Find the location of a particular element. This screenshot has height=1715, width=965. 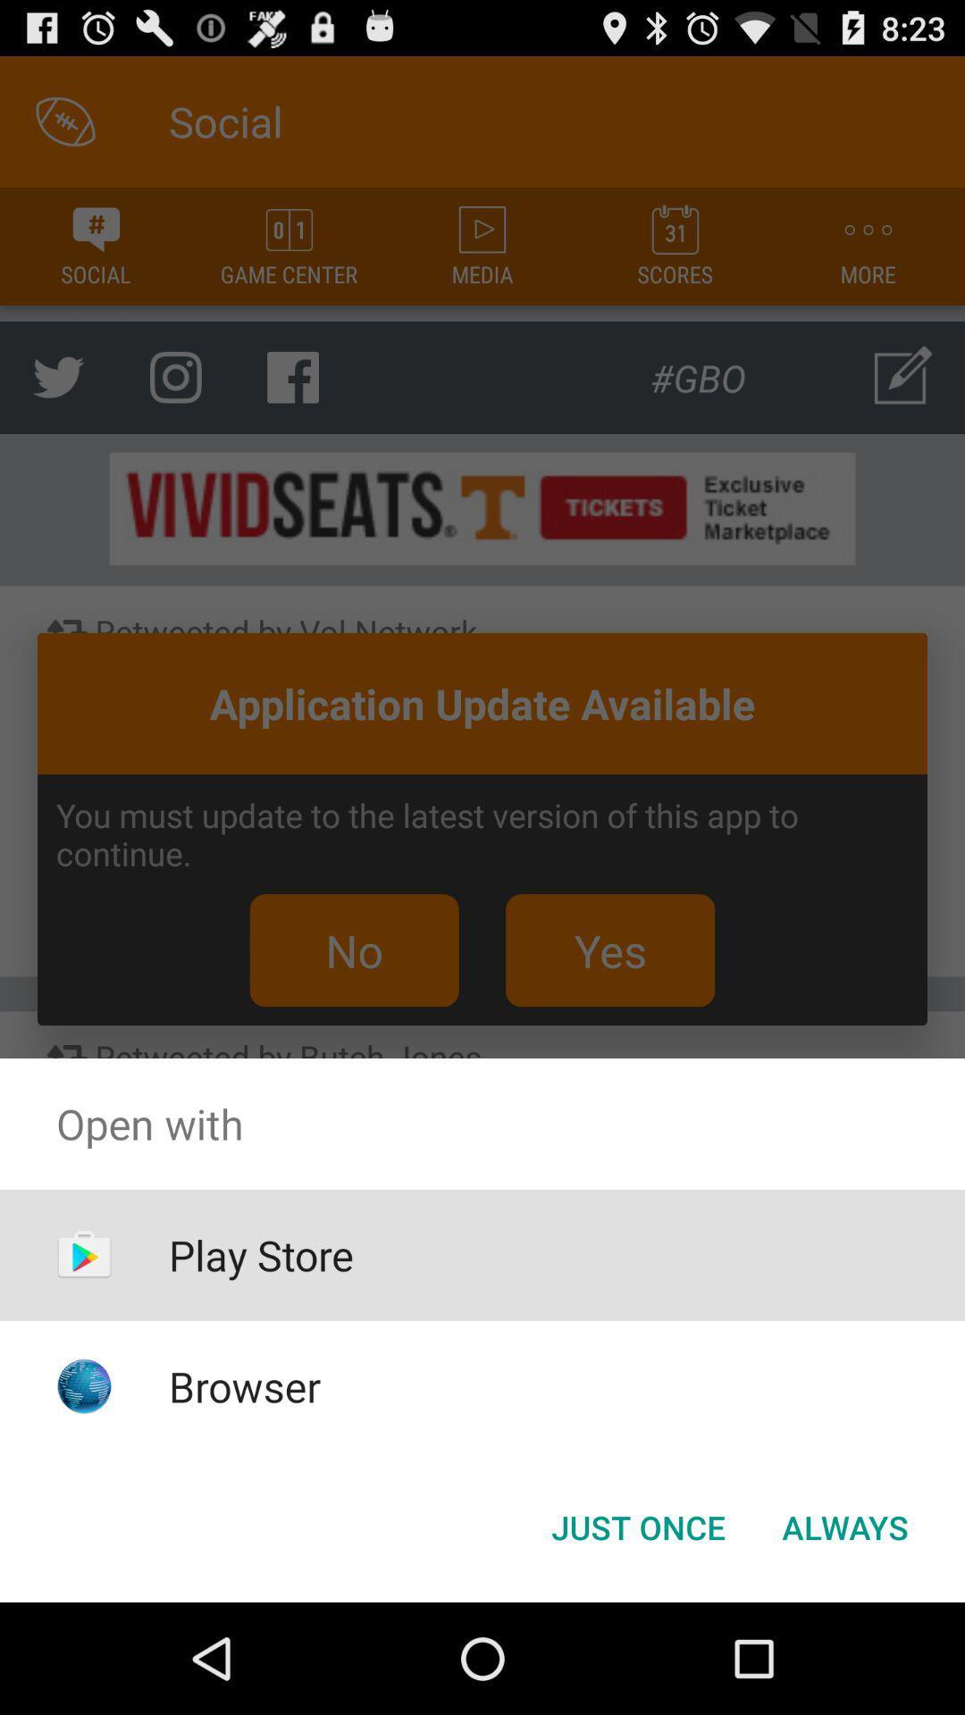

the always at the bottom right corner is located at coordinates (844, 1526).